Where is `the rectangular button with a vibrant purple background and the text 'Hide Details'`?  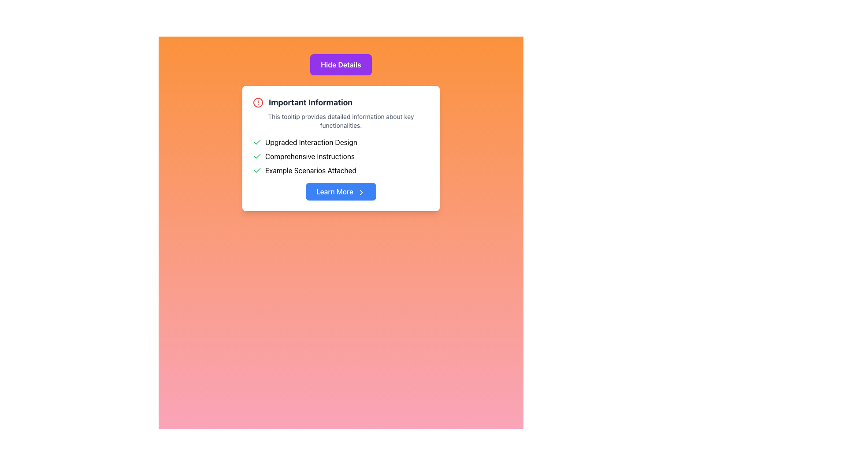 the rectangular button with a vibrant purple background and the text 'Hide Details' is located at coordinates (340, 64).